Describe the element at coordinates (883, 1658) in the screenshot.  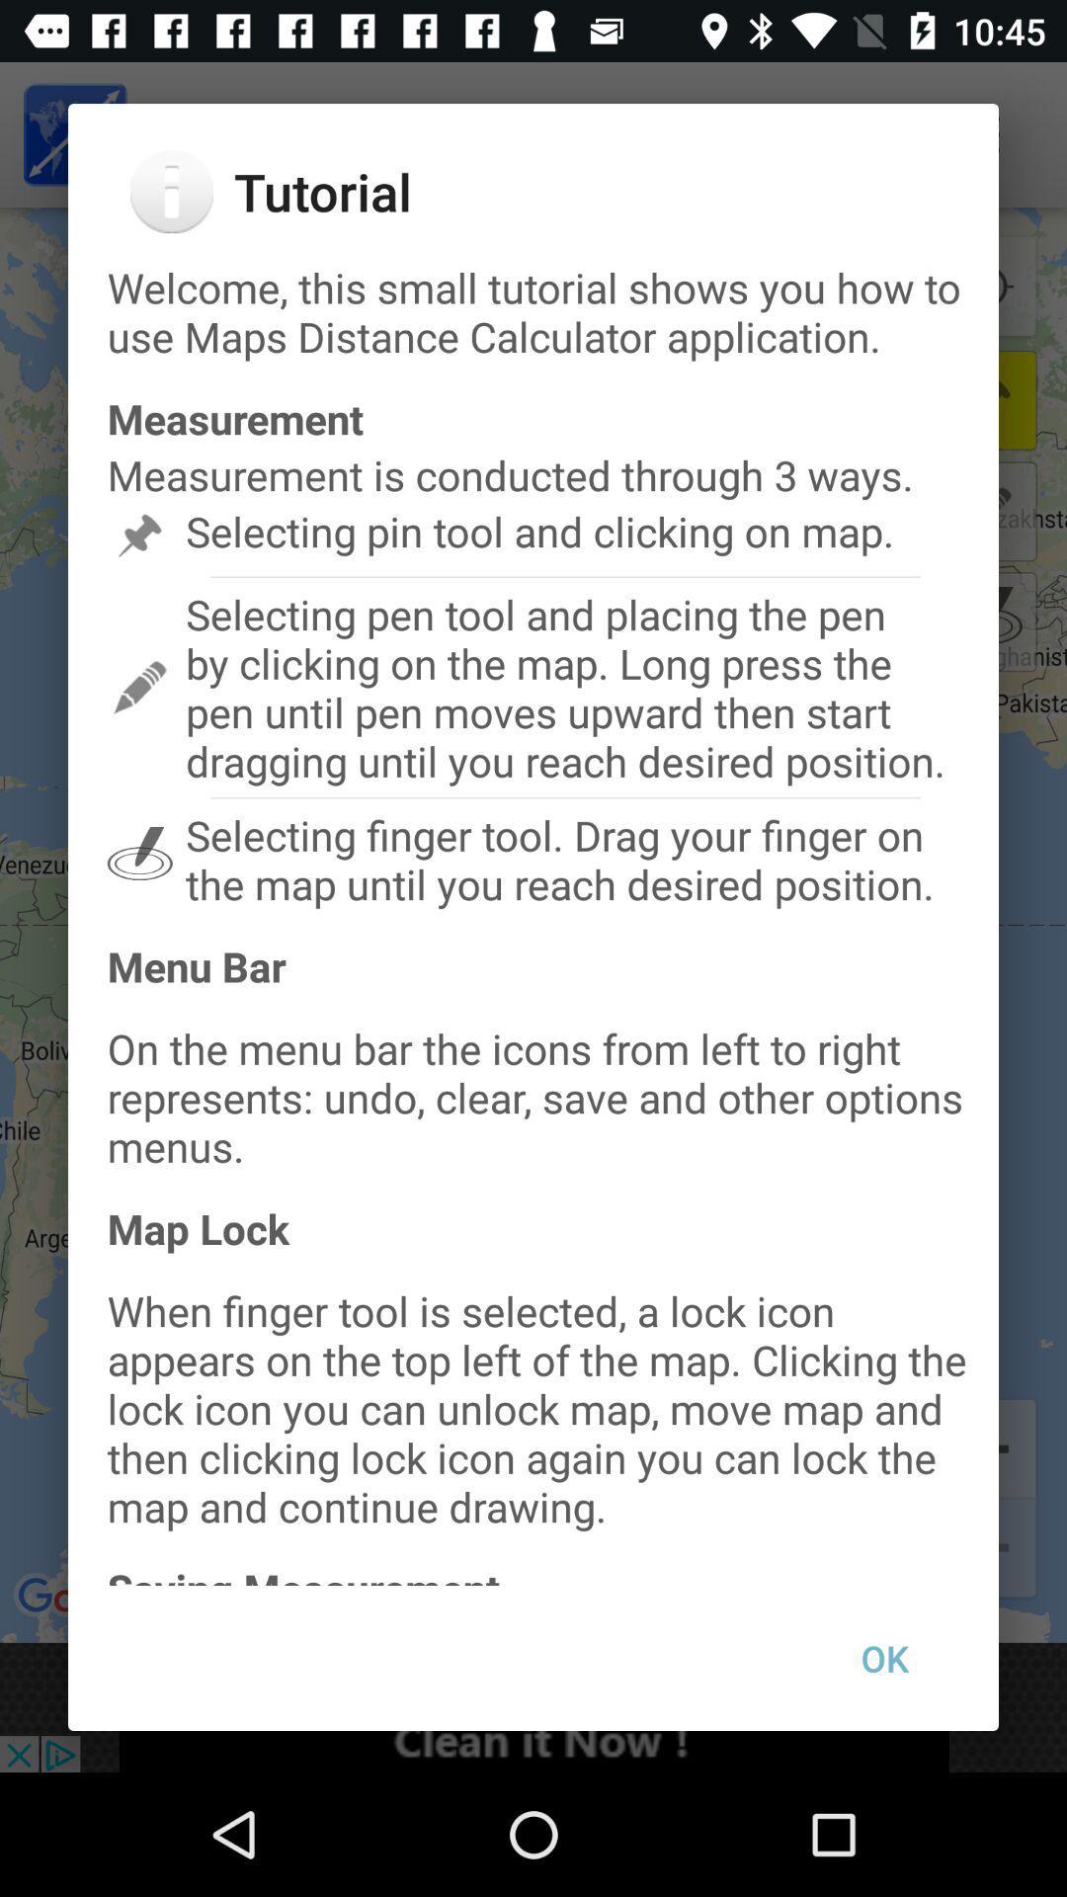
I see `the item below the saving measurement item` at that location.